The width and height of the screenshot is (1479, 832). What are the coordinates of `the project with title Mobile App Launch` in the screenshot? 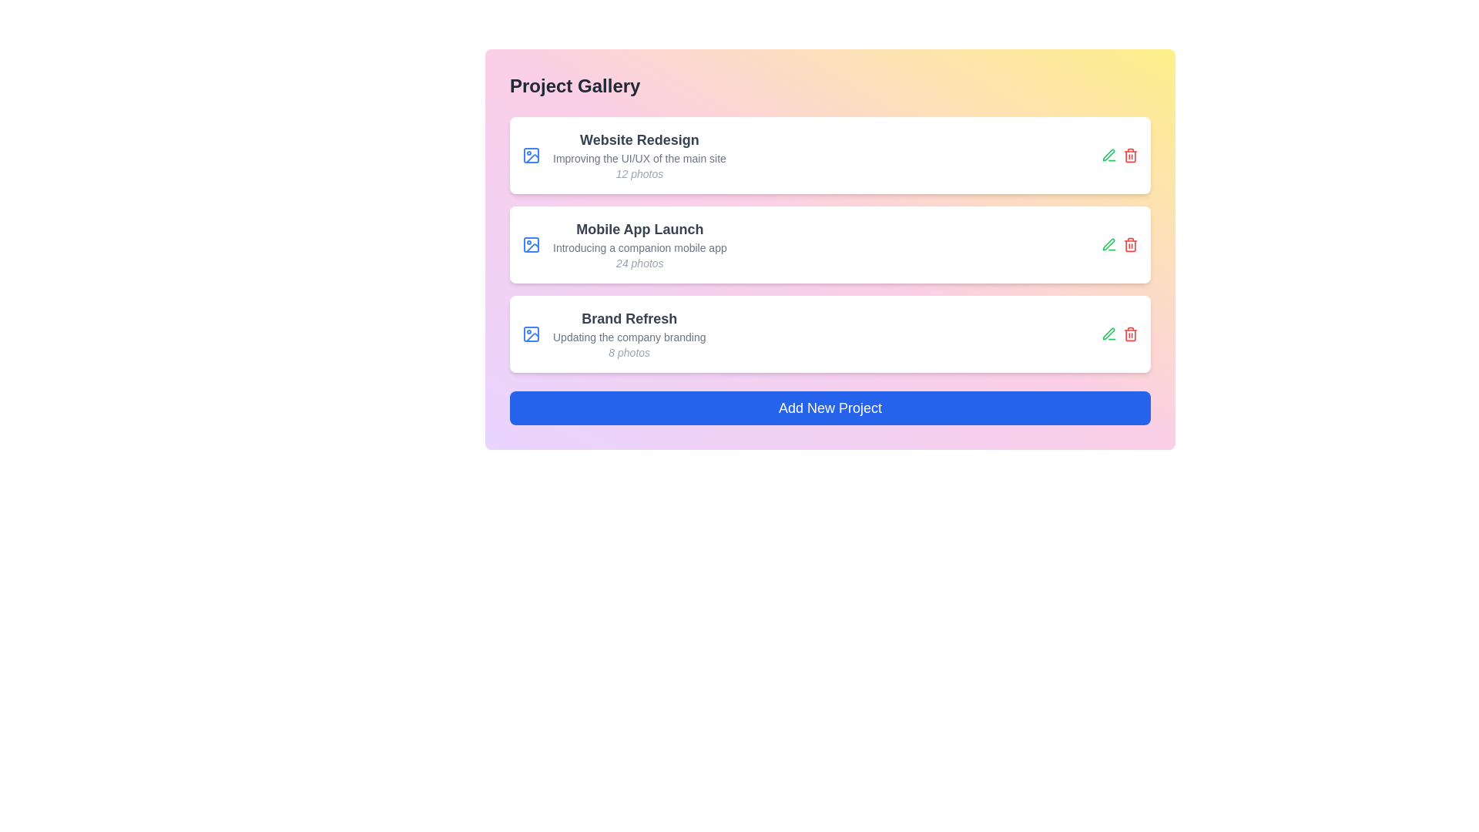 It's located at (639, 229).